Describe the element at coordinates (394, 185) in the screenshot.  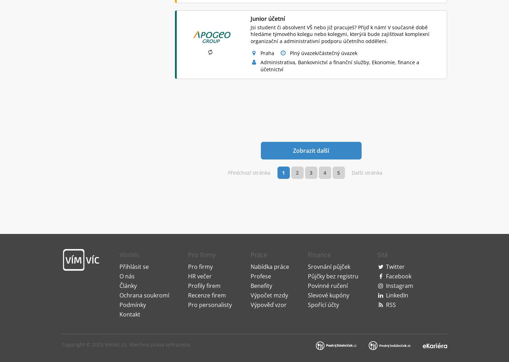
I see `'Twitter'` at that location.